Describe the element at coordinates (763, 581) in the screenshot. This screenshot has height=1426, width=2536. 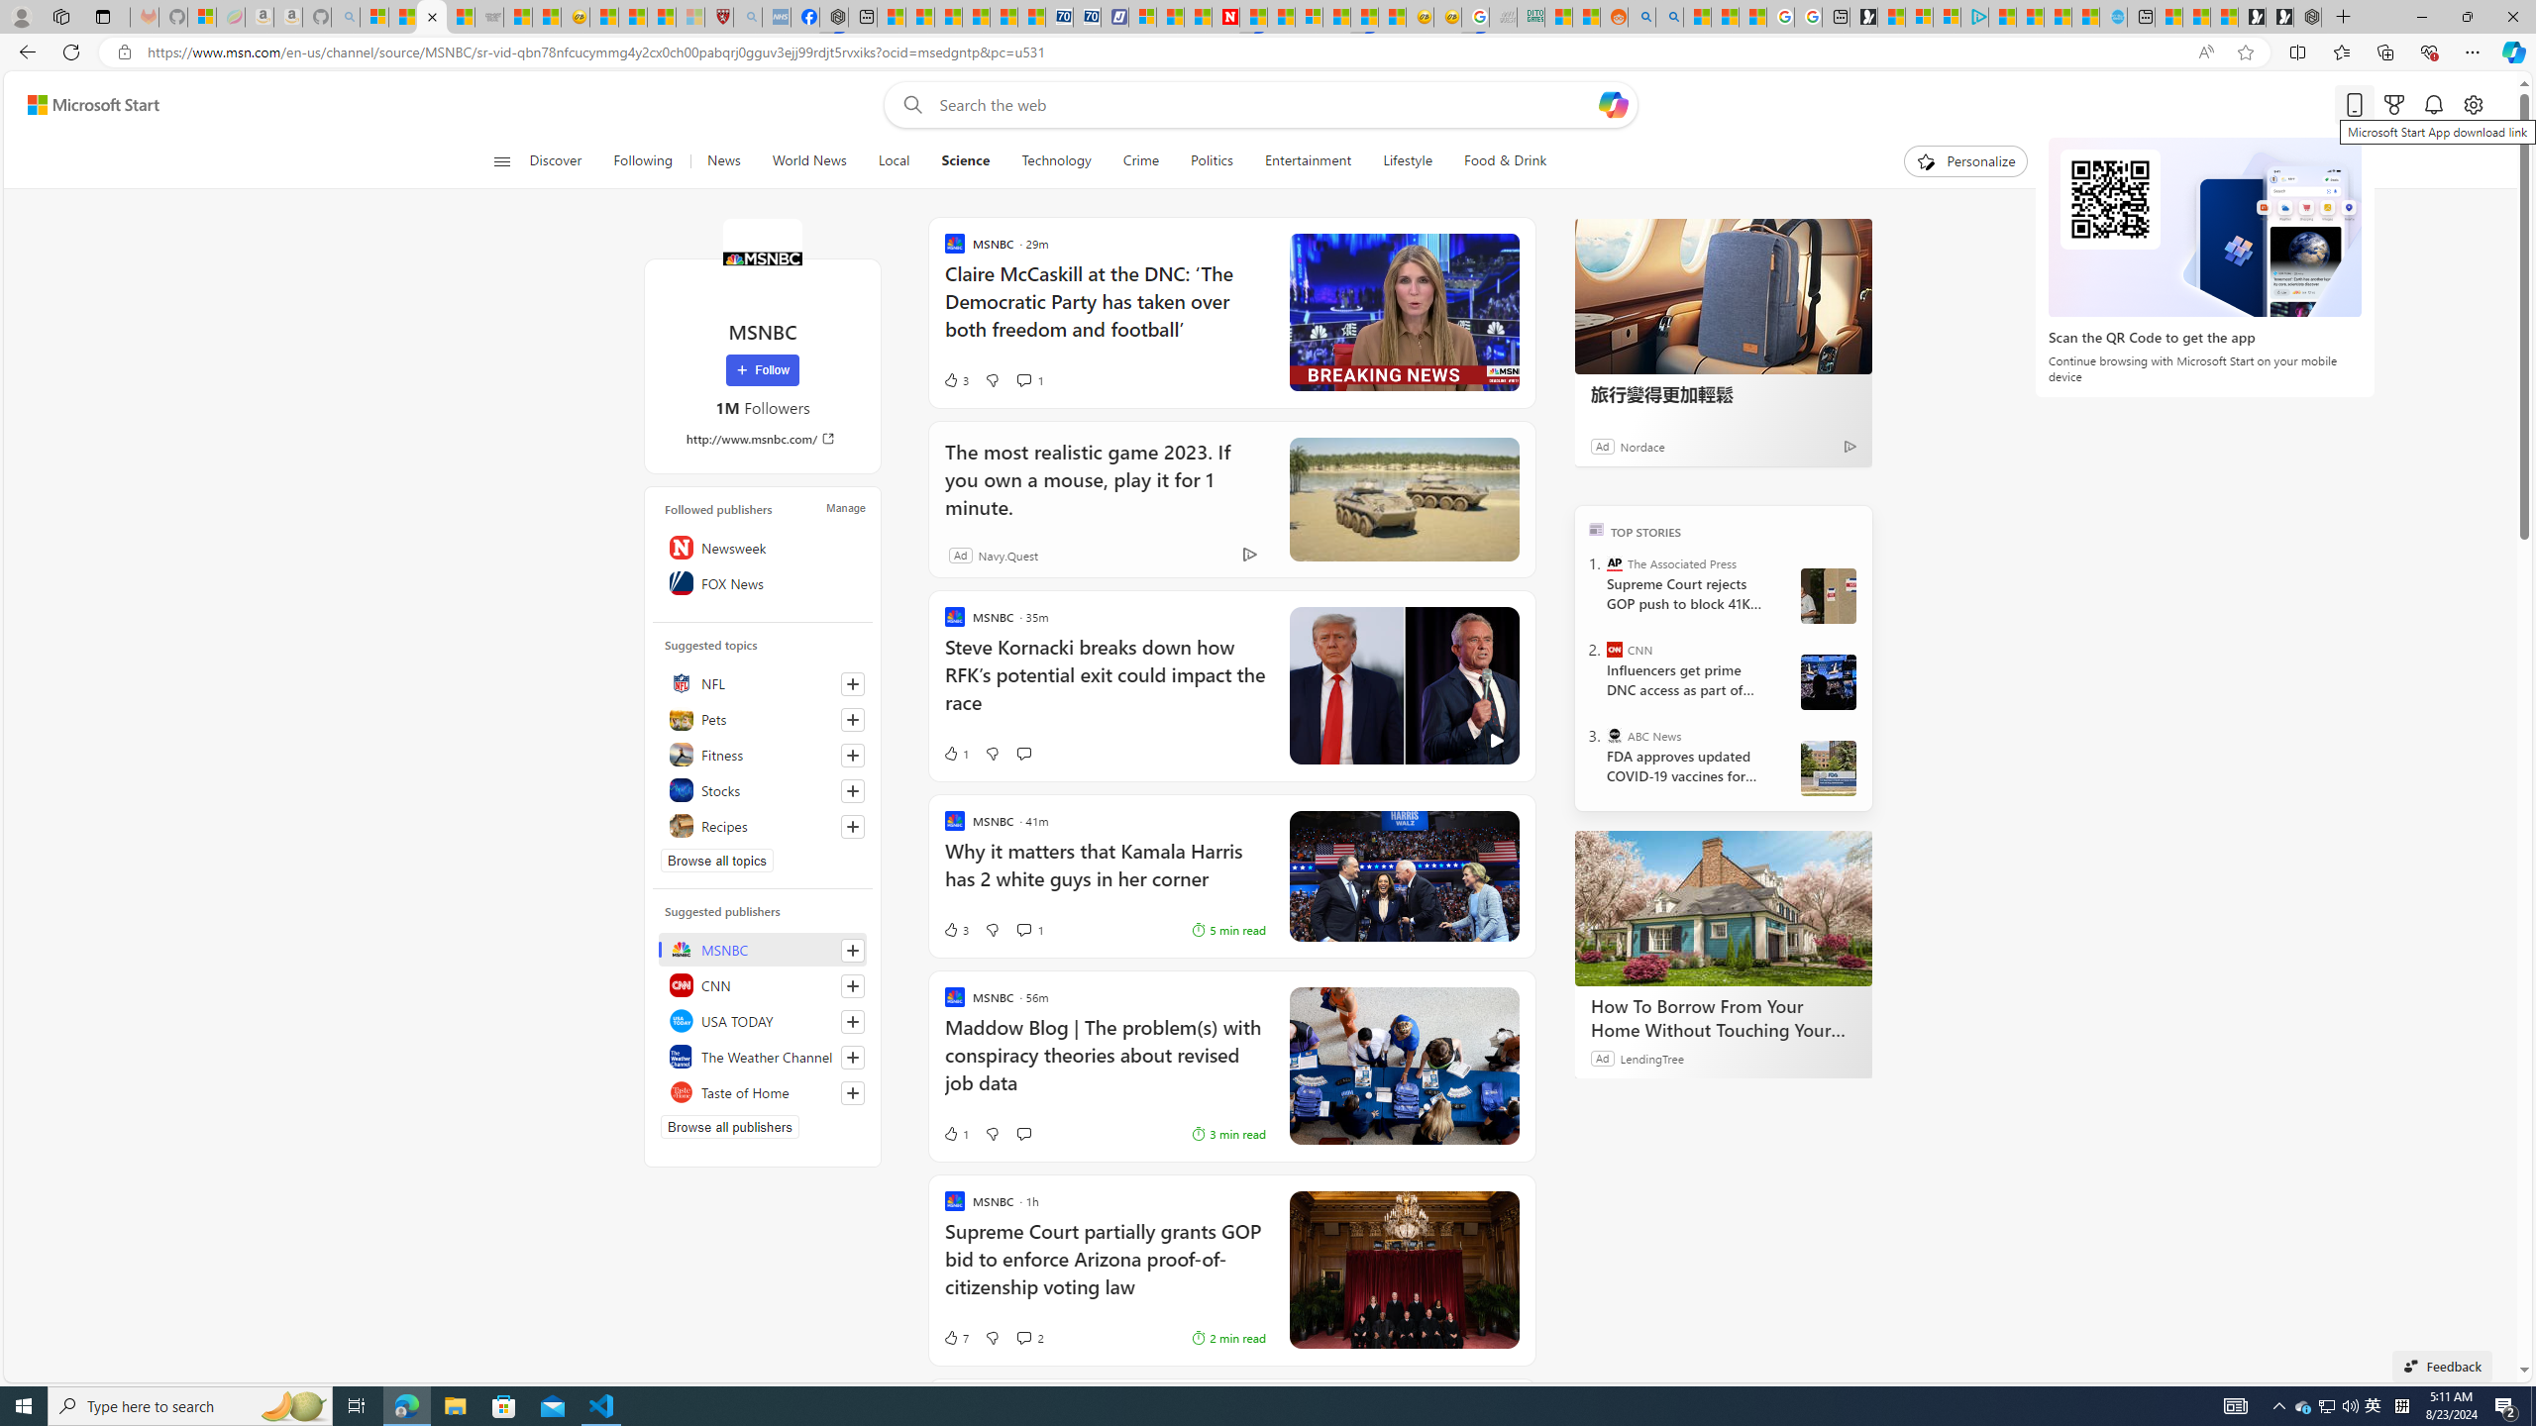
I see `'FOX News'` at that location.